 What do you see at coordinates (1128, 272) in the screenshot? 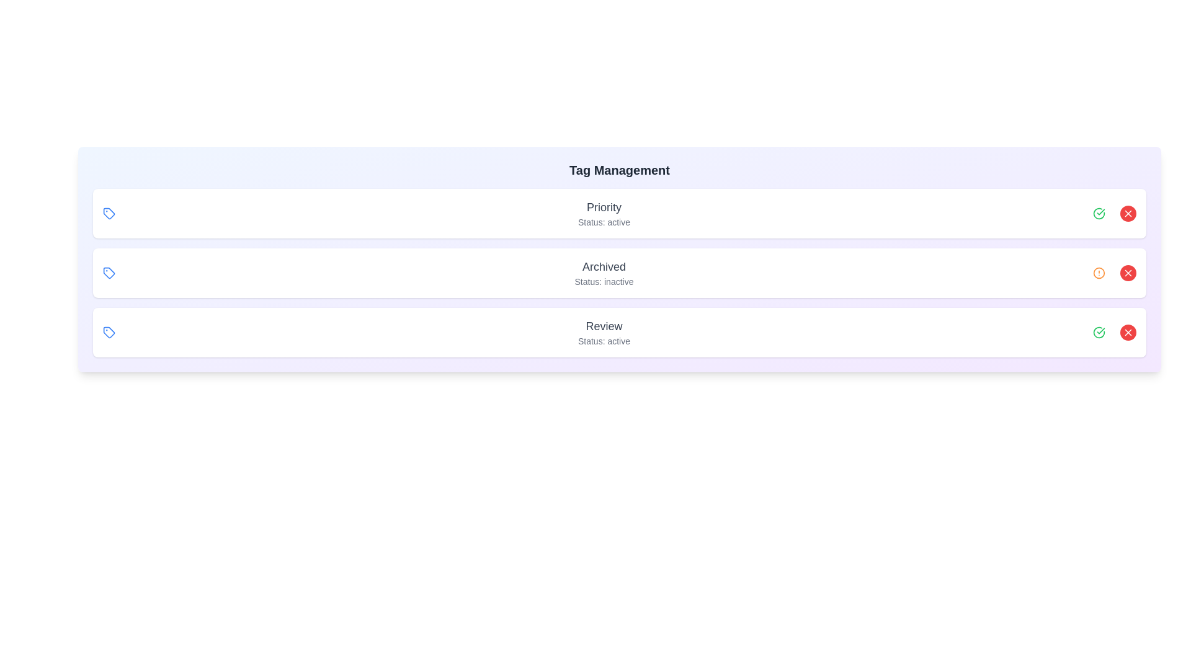
I see `the red 'X' button to remove the tag with name Archived` at bounding box center [1128, 272].